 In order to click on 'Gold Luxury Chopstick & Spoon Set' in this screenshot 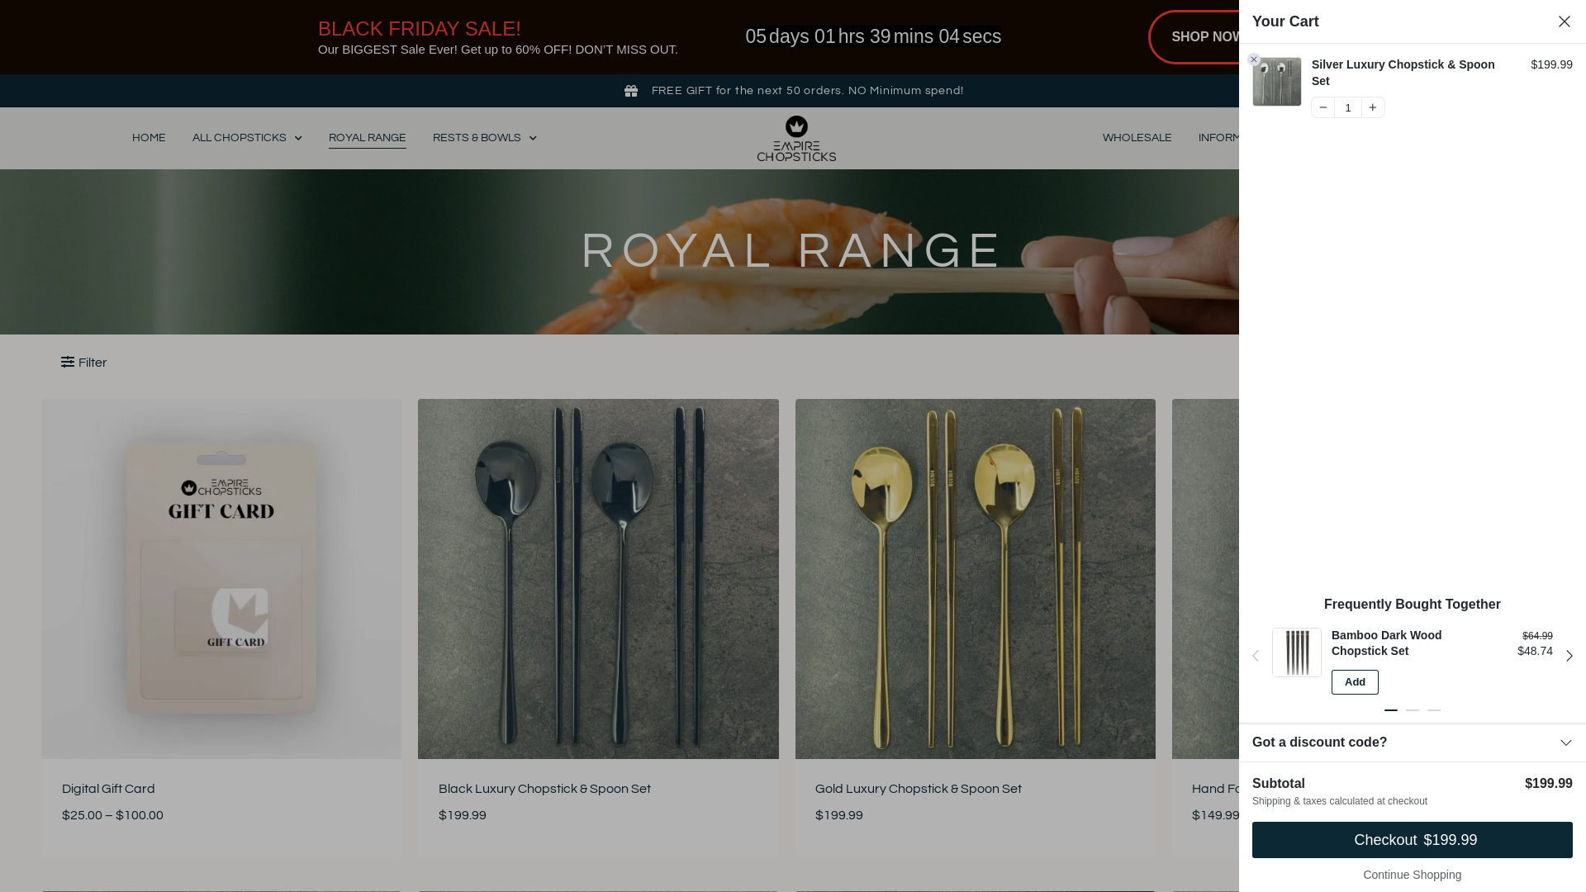, I will do `click(815, 788)`.